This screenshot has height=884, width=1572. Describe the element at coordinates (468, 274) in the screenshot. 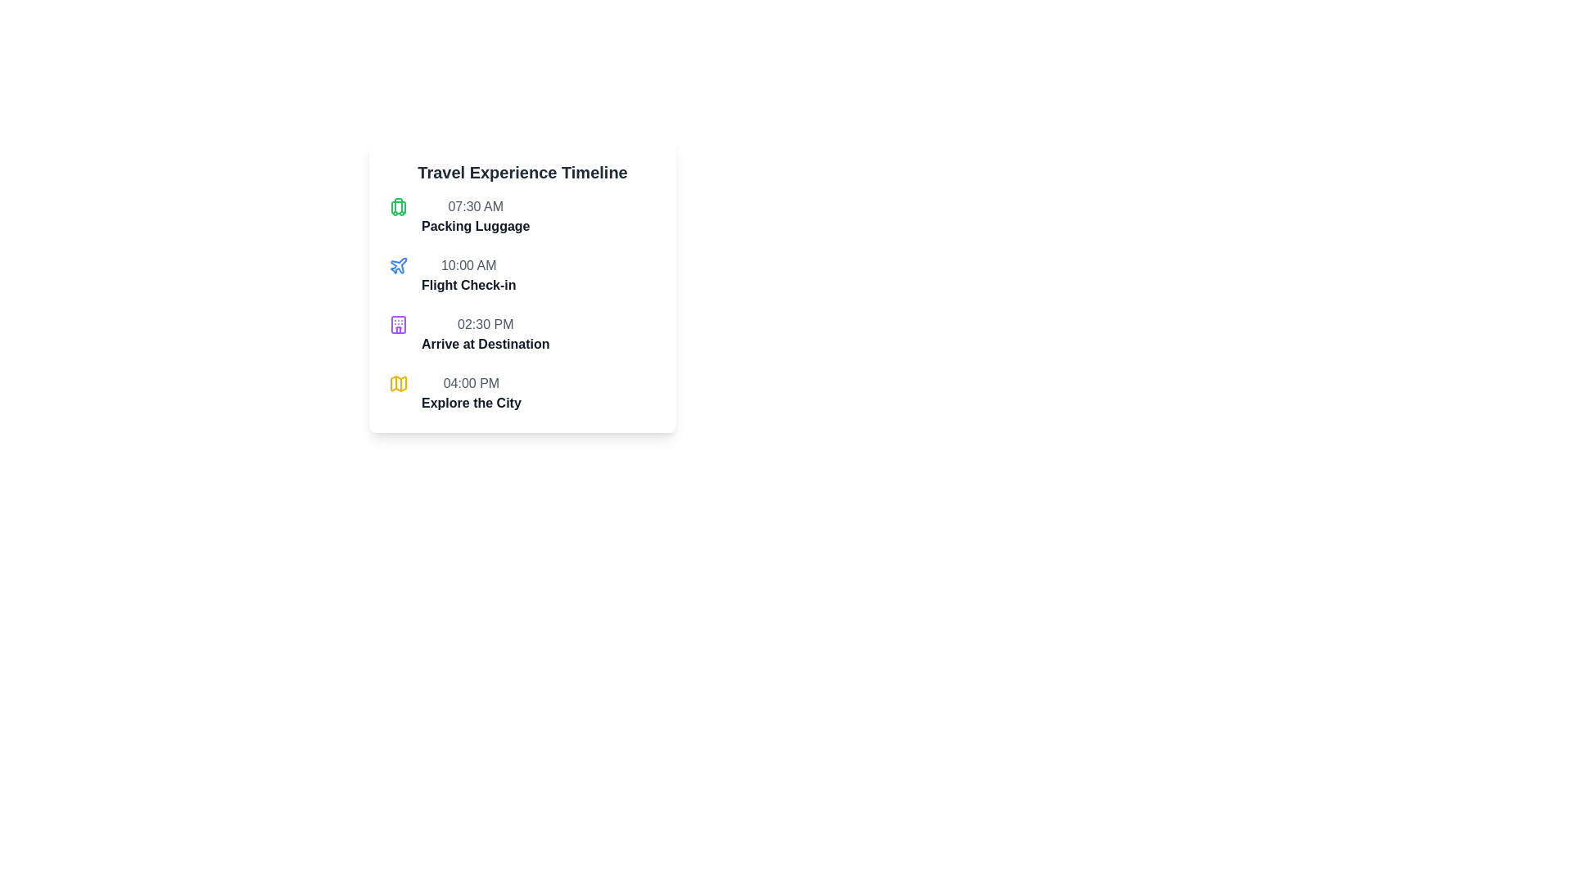

I see `the text-based informational component displaying '10:00 AM' and 'Flight Check-in' in the Travel Experience Timeline` at that location.